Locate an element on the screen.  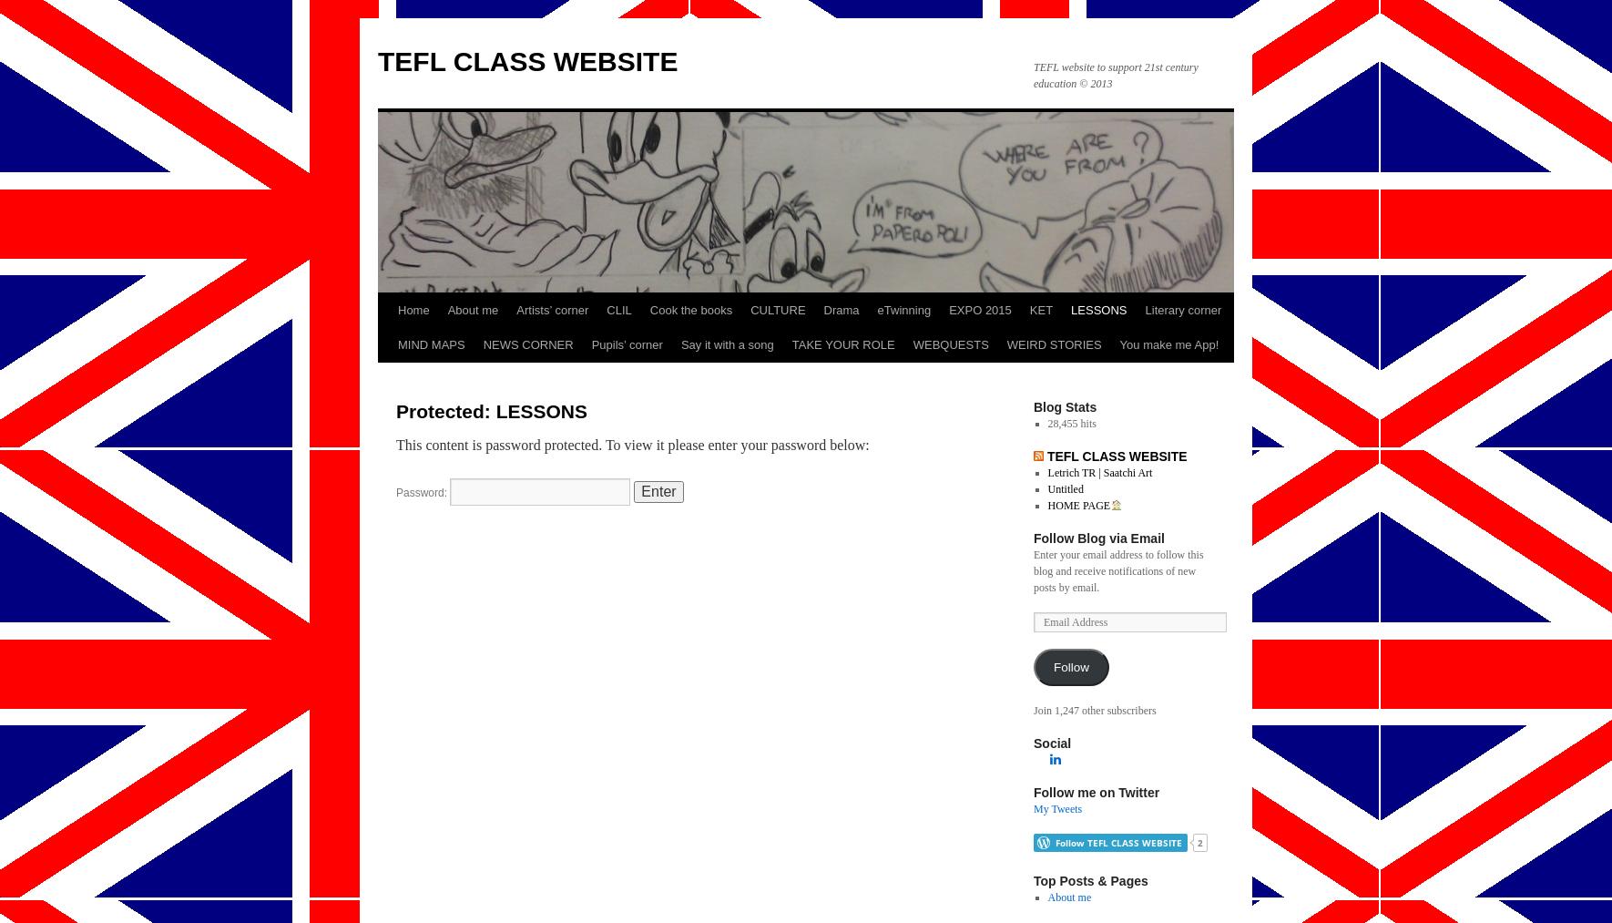
'About me' is located at coordinates (1069, 897).